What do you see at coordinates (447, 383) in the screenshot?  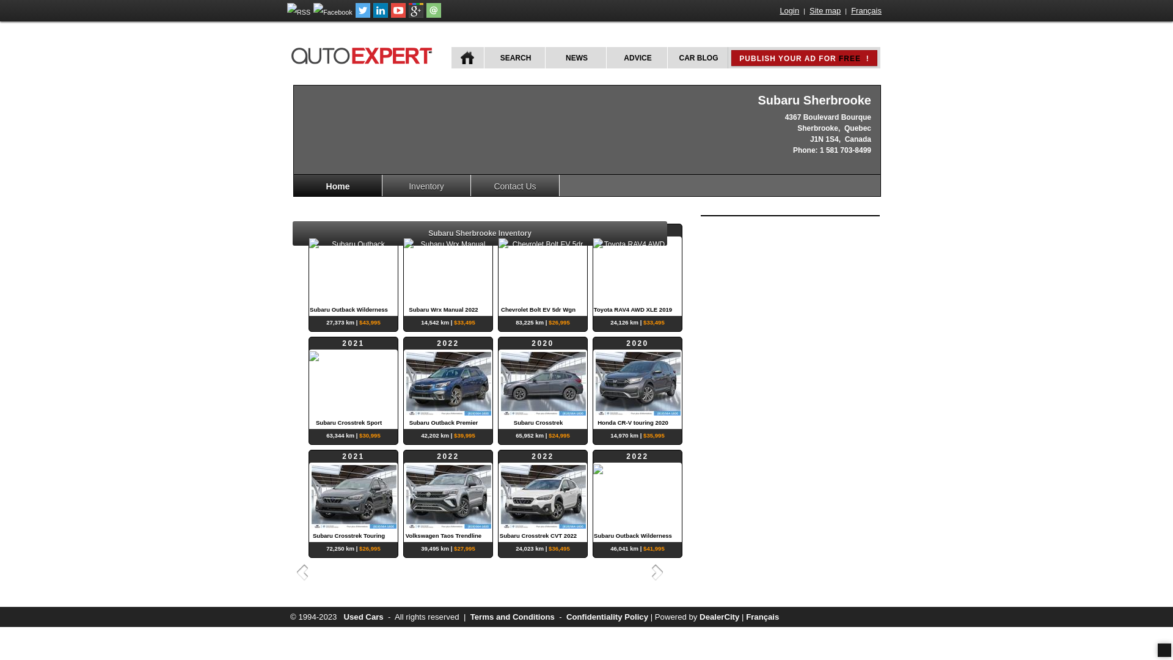 I see `'2022` at bounding box center [447, 383].